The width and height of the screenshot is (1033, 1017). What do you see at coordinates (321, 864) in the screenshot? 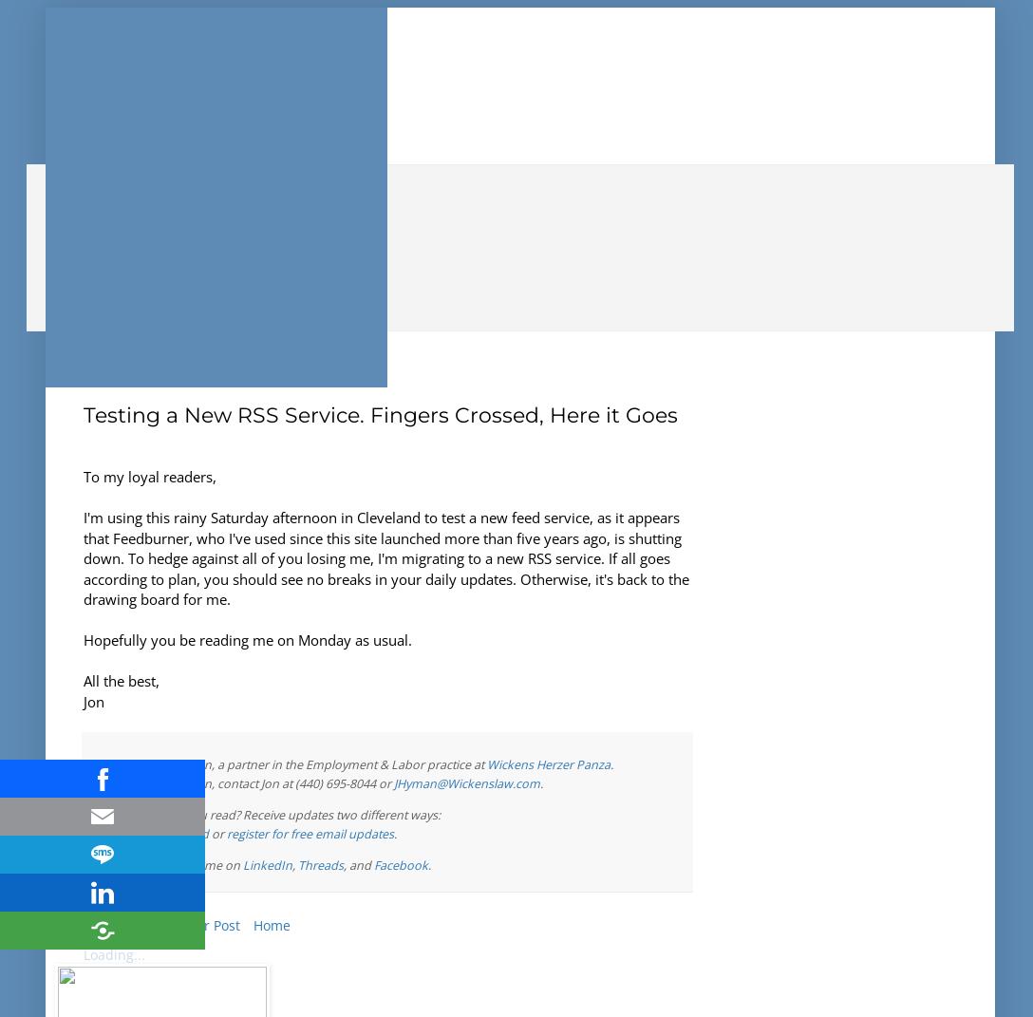
I see `'Threads'` at bounding box center [321, 864].